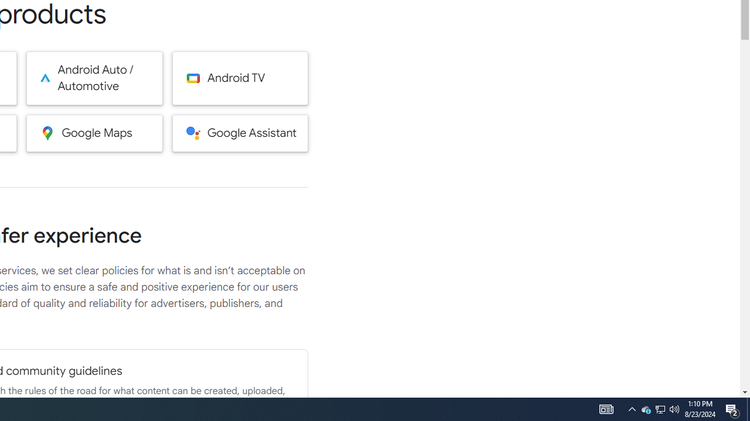  Describe the element at coordinates (94, 78) in the screenshot. I see `'Android Auto / Automotive'` at that location.